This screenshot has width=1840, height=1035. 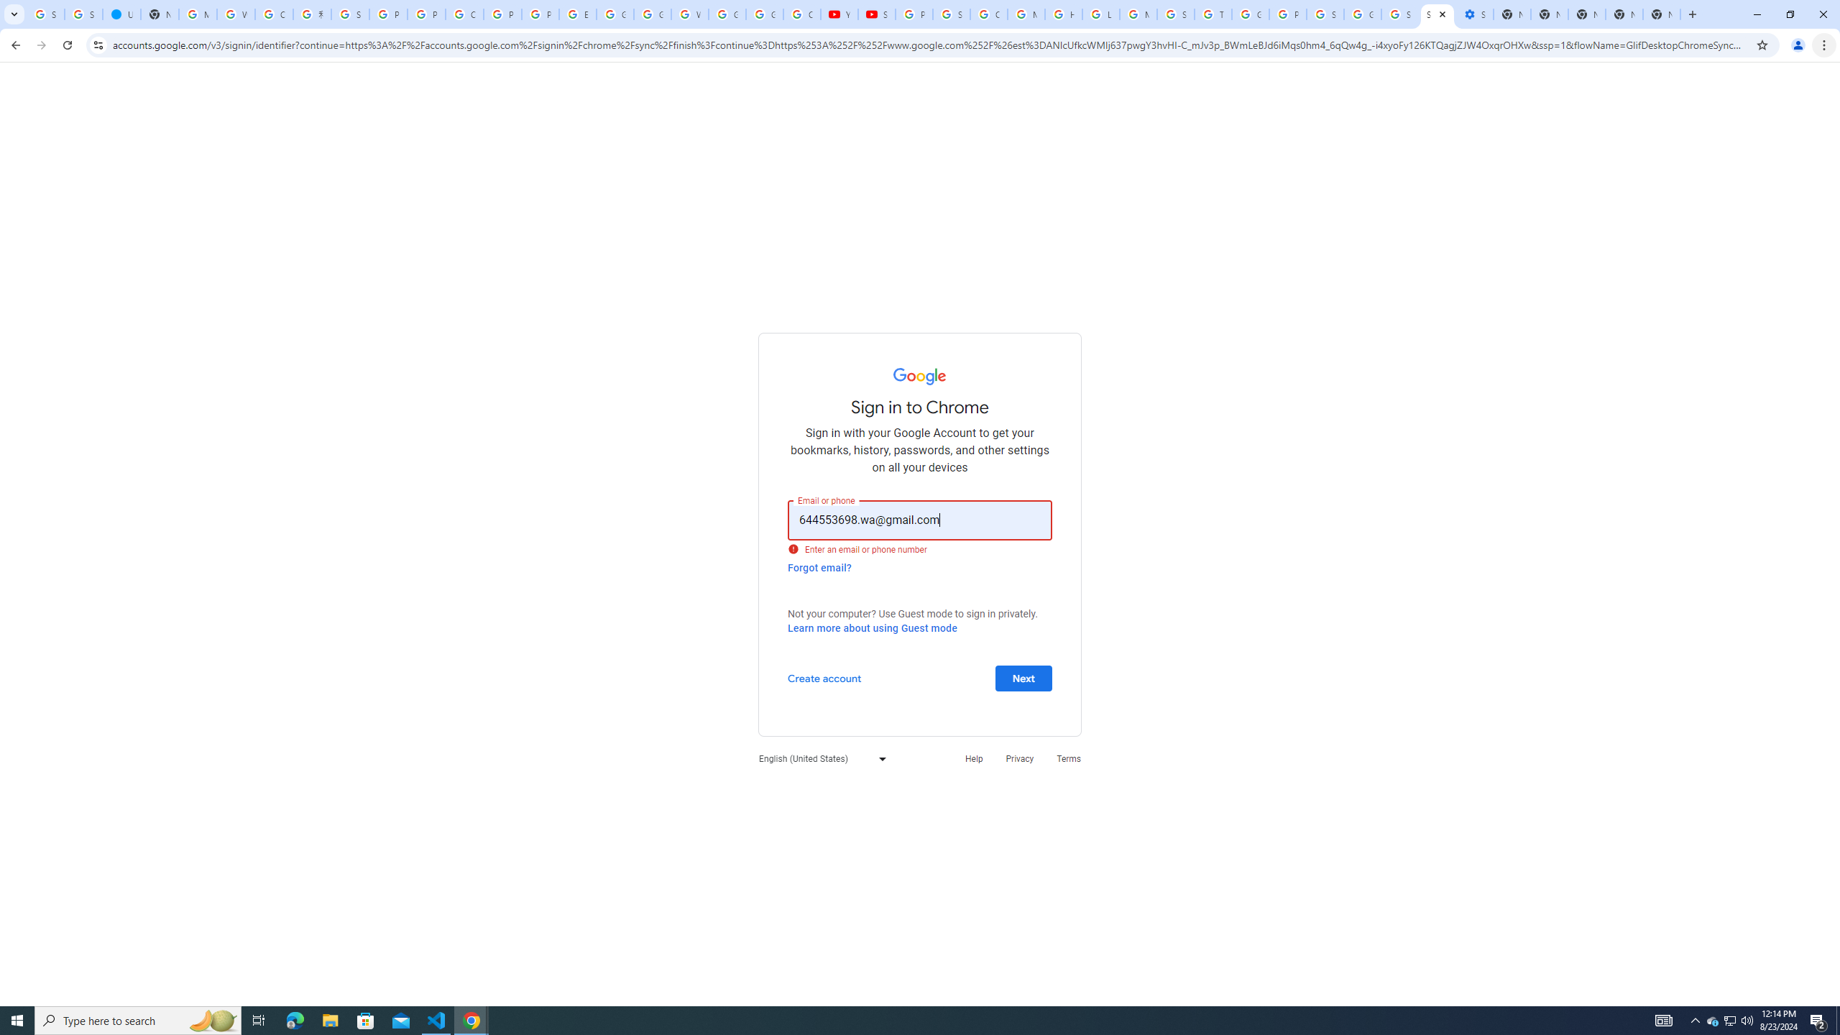 What do you see at coordinates (1023, 677) in the screenshot?
I see `'Next'` at bounding box center [1023, 677].